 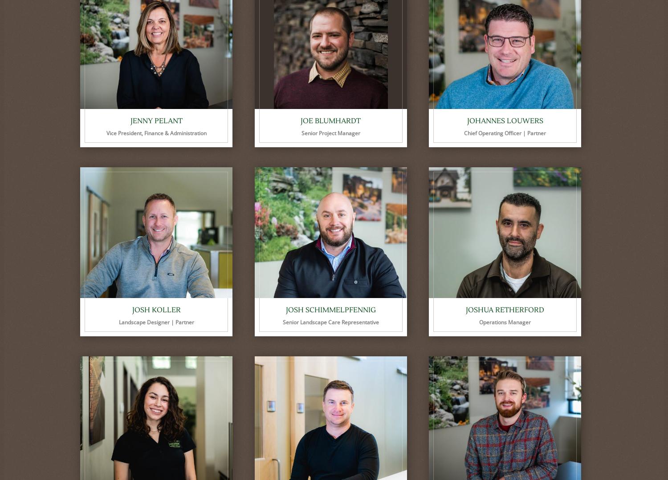 I want to click on 'Joshua Retherford', so click(x=465, y=310).